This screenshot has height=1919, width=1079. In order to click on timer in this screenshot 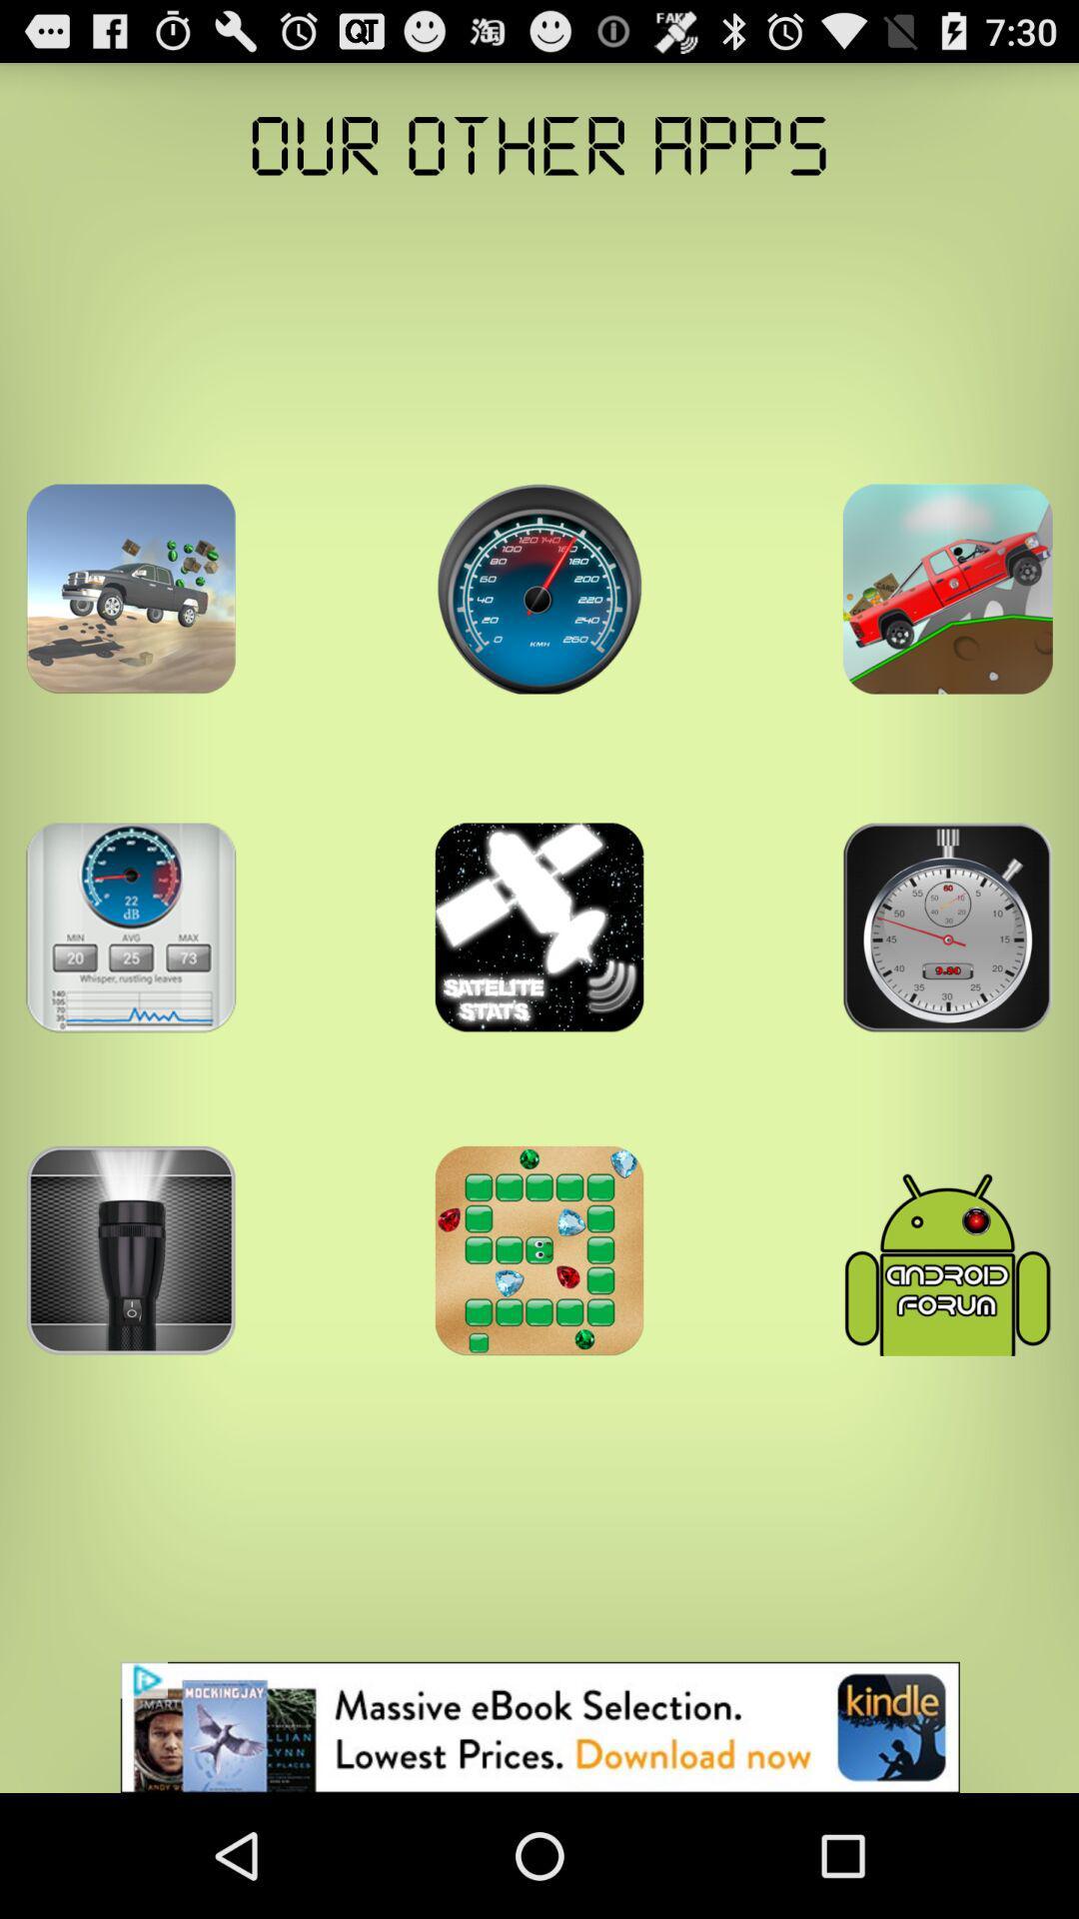, I will do `click(131, 927)`.